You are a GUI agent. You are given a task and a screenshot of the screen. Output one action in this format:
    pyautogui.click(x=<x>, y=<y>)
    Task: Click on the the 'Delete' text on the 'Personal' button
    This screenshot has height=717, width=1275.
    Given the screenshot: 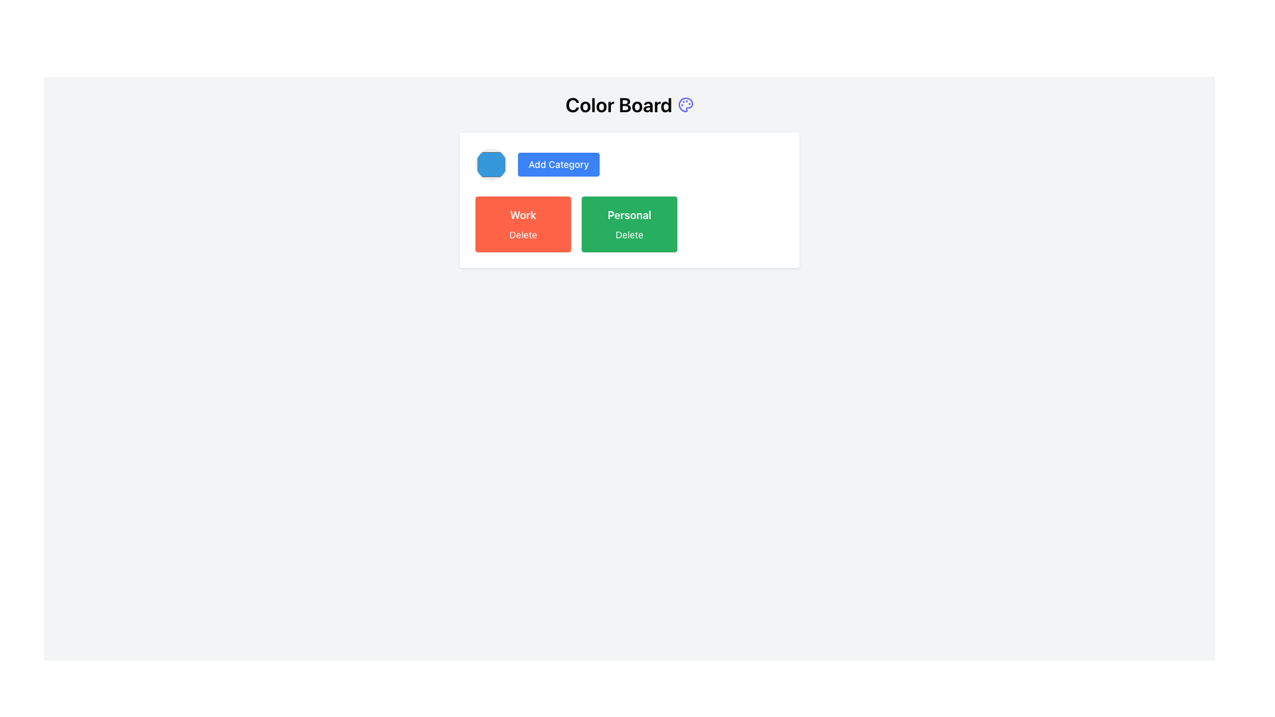 What is the action you would take?
    pyautogui.click(x=629, y=224)
    